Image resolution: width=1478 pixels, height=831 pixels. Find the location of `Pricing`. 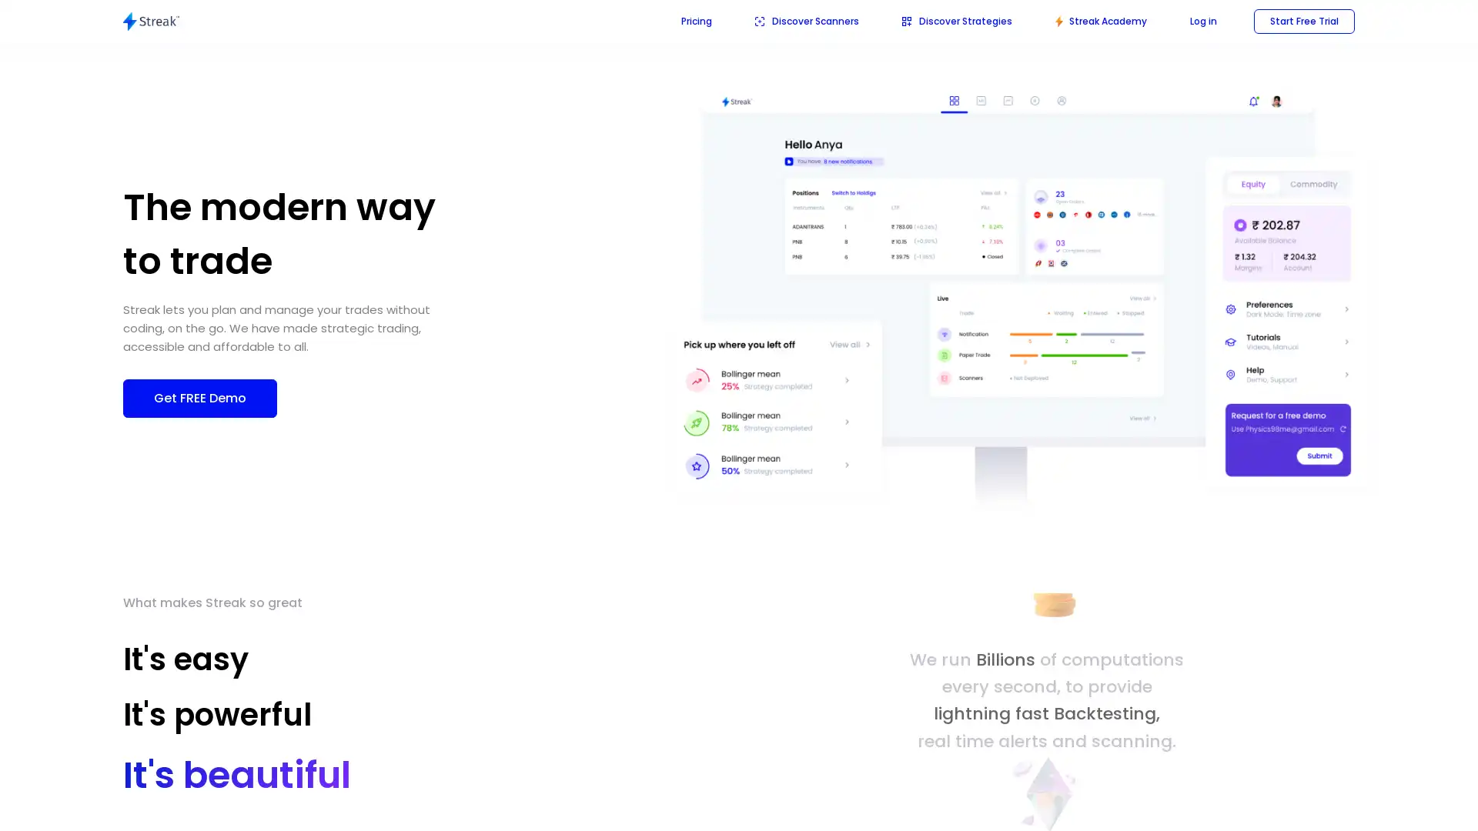

Pricing is located at coordinates (696, 21).